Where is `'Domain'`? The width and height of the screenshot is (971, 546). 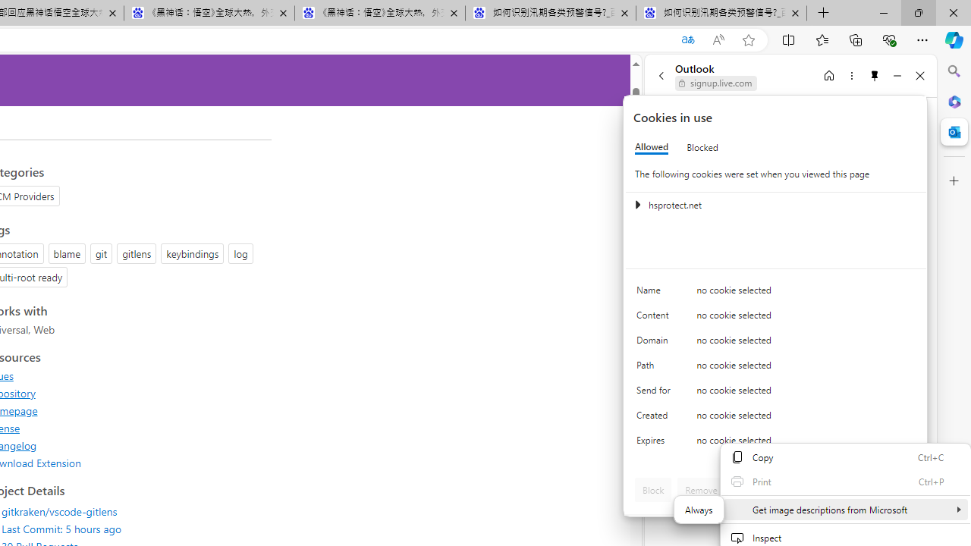
'Domain' is located at coordinates (656, 344).